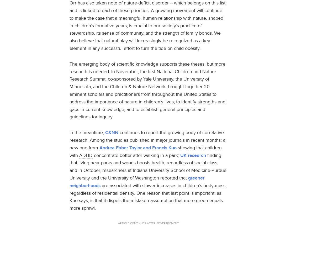 Image resolution: width=328 pixels, height=280 pixels. What do you see at coordinates (147, 90) in the screenshot?
I see `'The emerging body of scientific knowledge supports these theses, but more research is needed. In November, the first National Children and Nature Research Summit, co-sponsored by Yale University, the University of Minnesota, and the Children & Nature Network, brought together 20 eminent scholars and practitioners from throughout the United States to address the importance of nature in children’s lives, to identify strengths and gaps in current knowledge, and to establish general principles and guidelines for inquiry.'` at bounding box center [147, 90].